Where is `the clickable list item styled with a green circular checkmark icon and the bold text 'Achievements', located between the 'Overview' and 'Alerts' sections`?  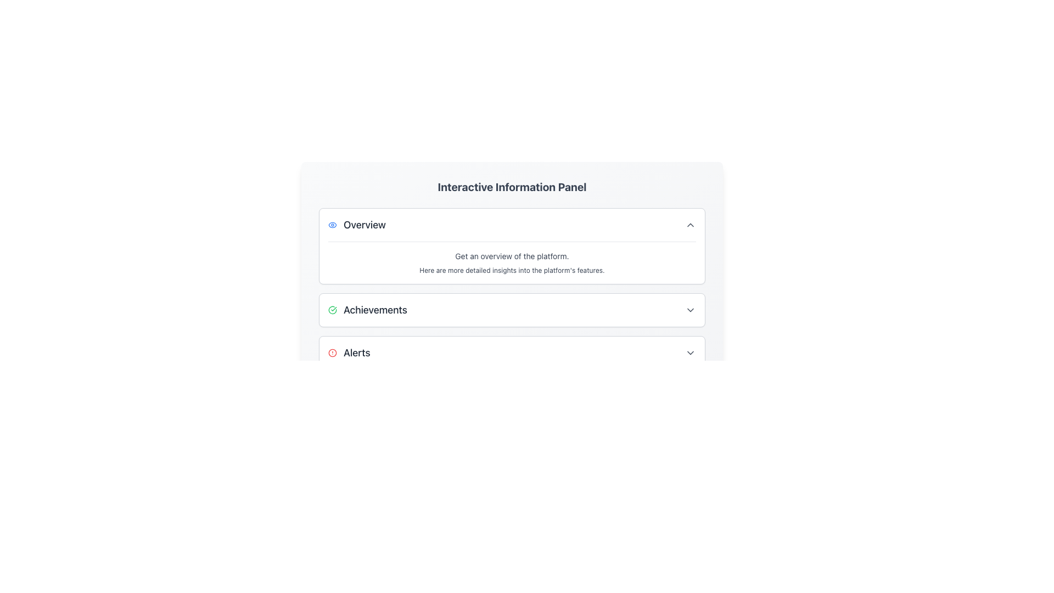
the clickable list item styled with a green circular checkmark icon and the bold text 'Achievements', located between the 'Overview' and 'Alerts' sections is located at coordinates (367, 310).